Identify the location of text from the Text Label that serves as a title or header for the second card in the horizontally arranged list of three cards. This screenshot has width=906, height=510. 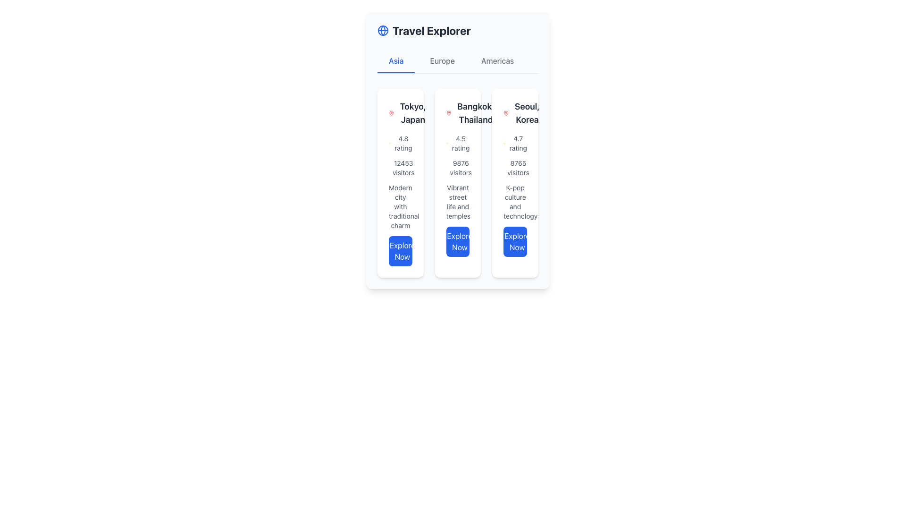
(476, 112).